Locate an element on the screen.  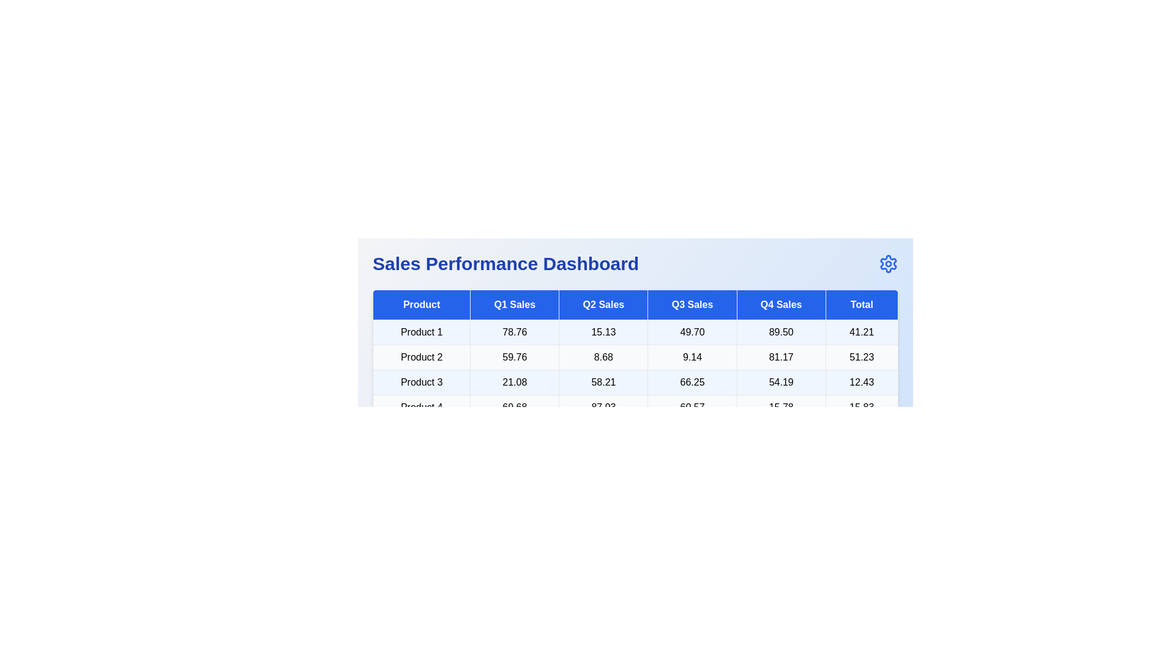
the header Total to sort the table by that column is located at coordinates (860, 304).